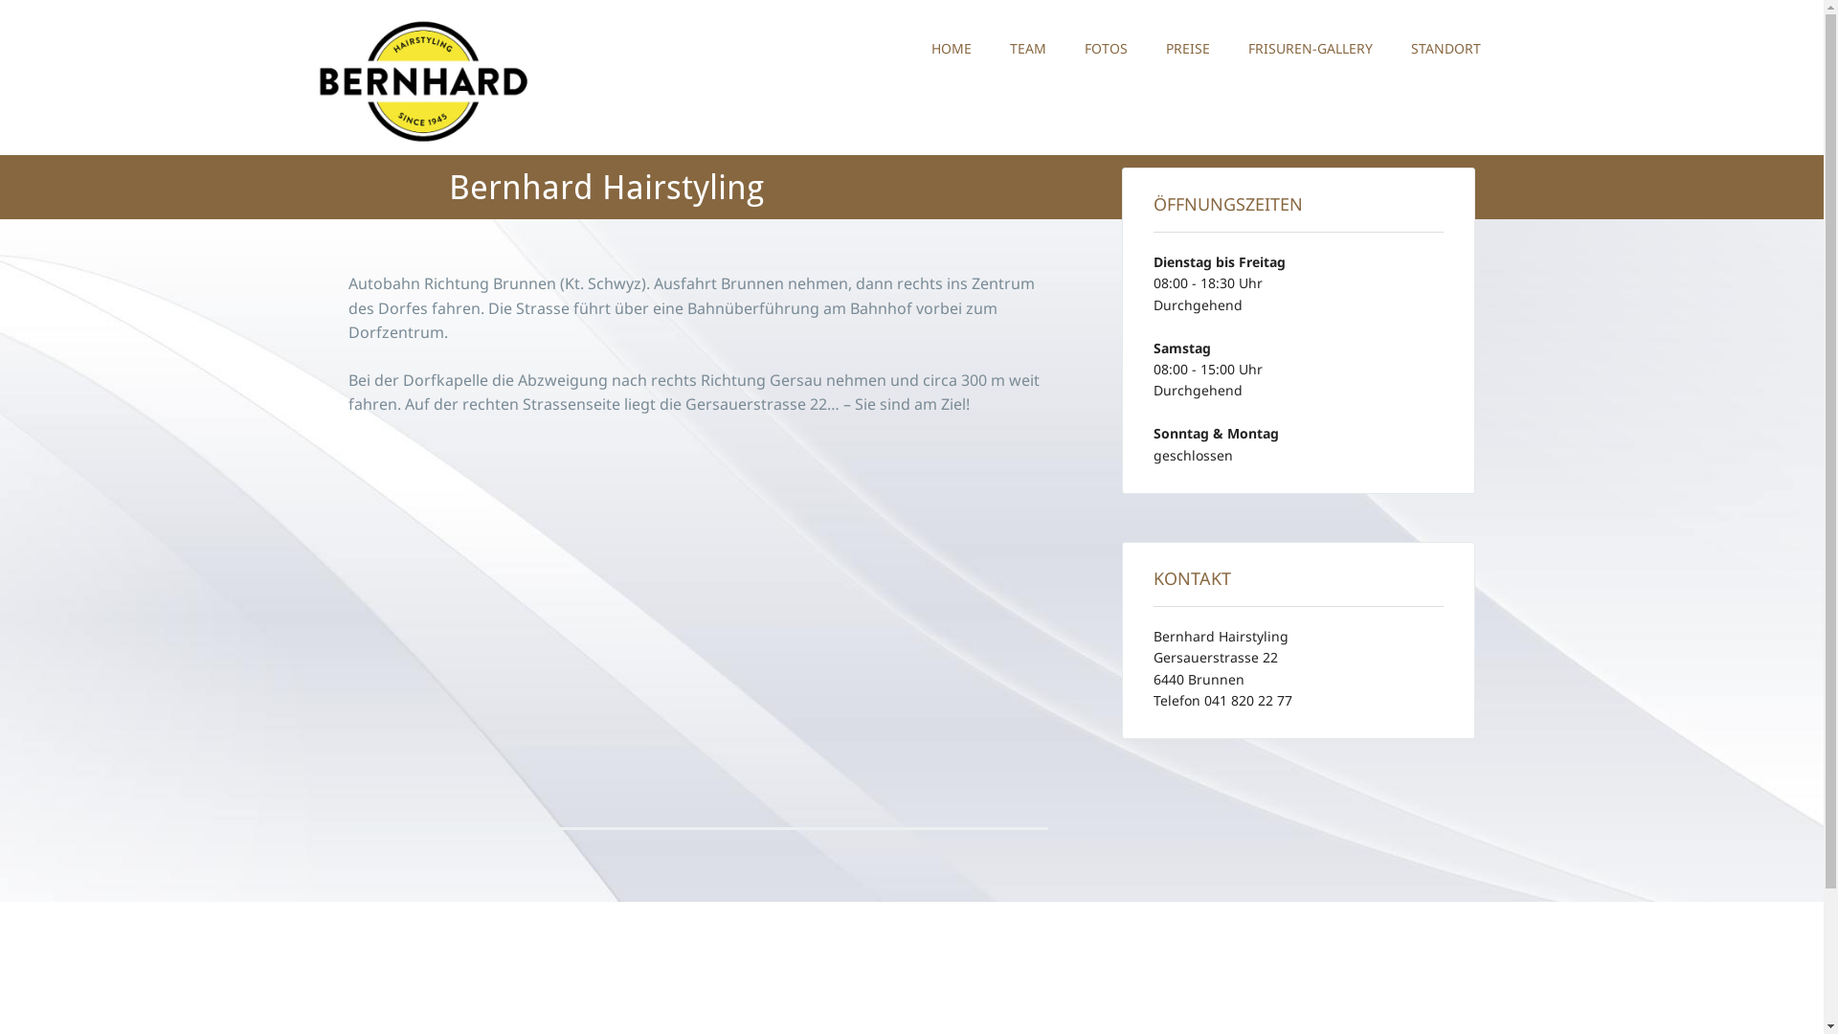 Image resolution: width=1838 pixels, height=1034 pixels. I want to click on 'HOME', so click(951, 47).